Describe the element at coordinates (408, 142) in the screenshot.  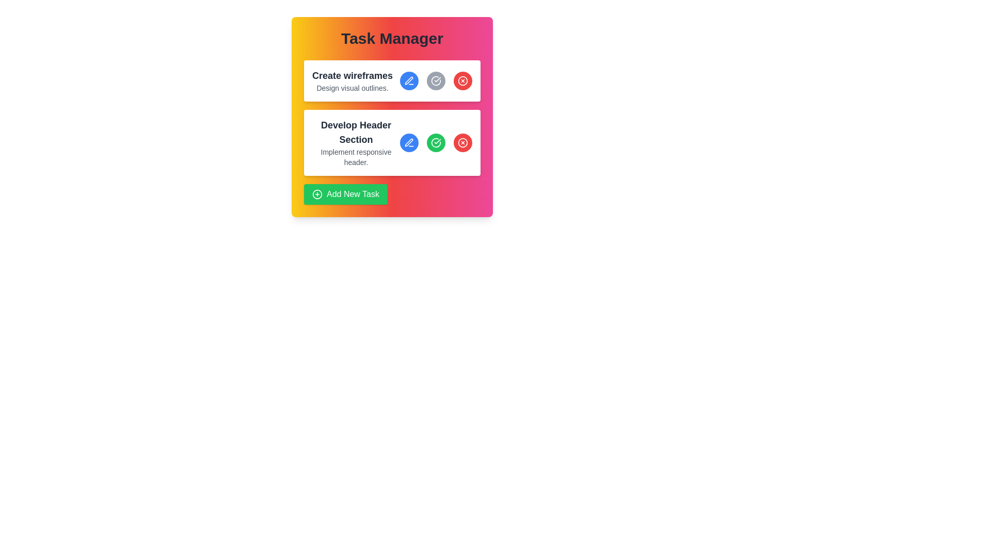
I see `the pen icon located in the second task item row` at that location.